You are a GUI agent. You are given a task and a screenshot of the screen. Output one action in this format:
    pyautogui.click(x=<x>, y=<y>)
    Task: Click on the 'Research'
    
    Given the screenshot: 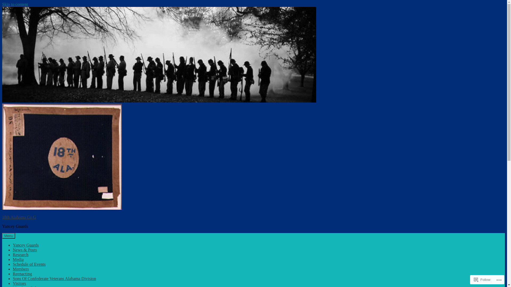 What is the action you would take?
    pyautogui.click(x=20, y=254)
    